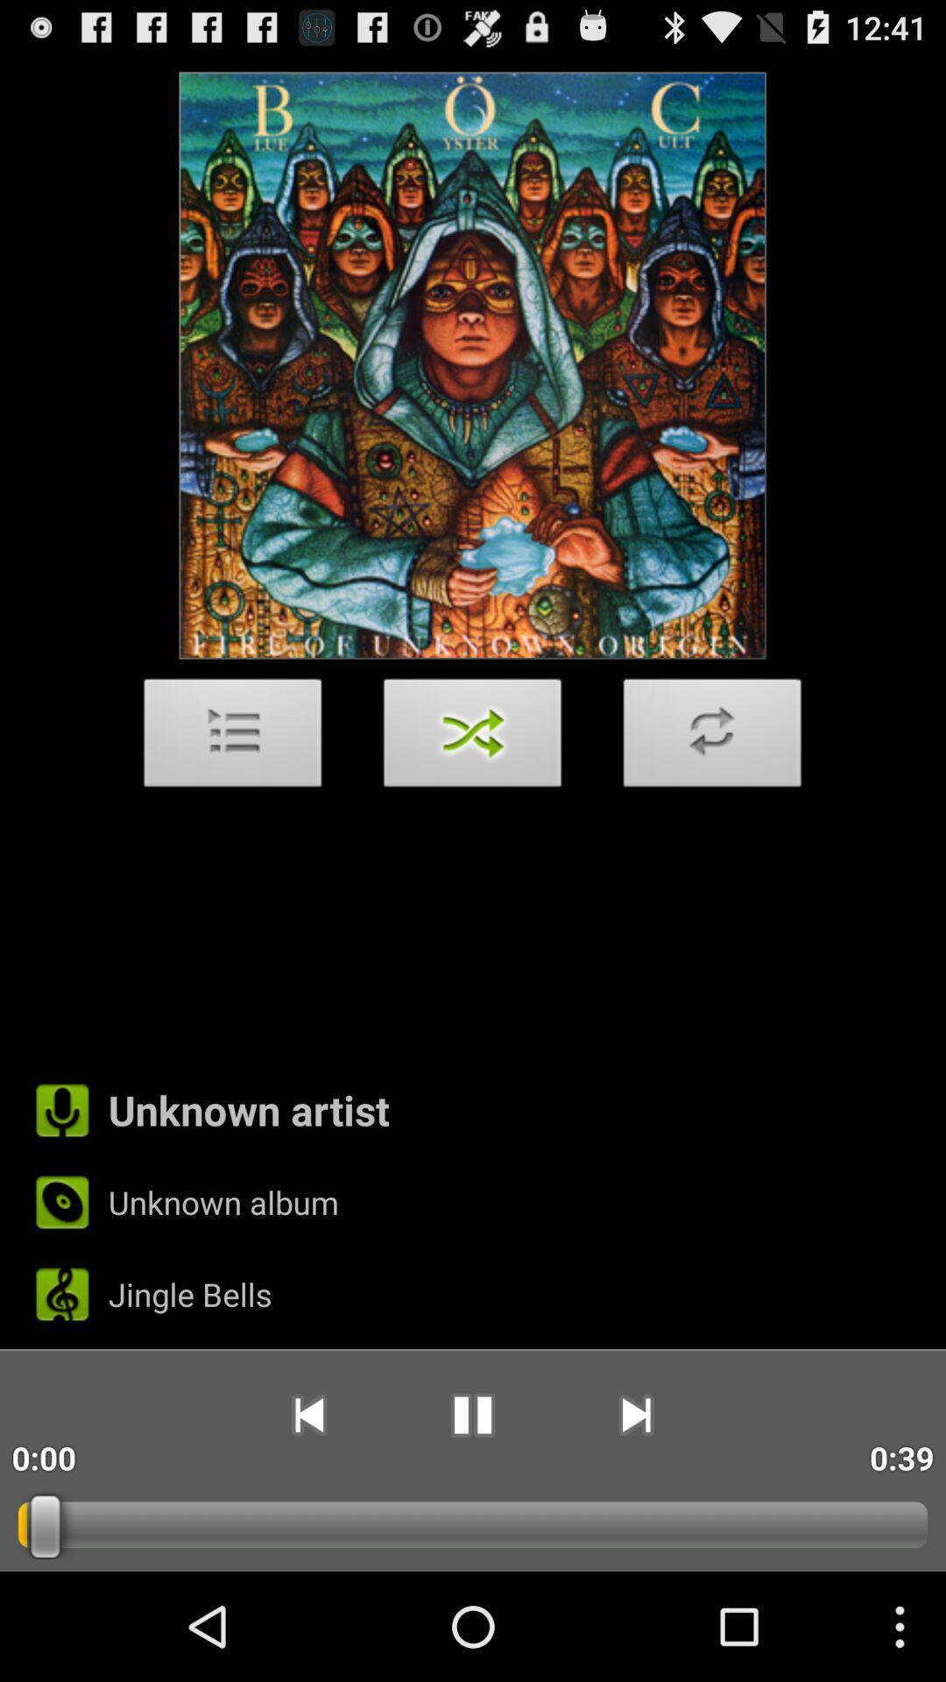 The image size is (946, 1682). Describe the element at coordinates (712, 738) in the screenshot. I see `app above the unknown artist icon` at that location.